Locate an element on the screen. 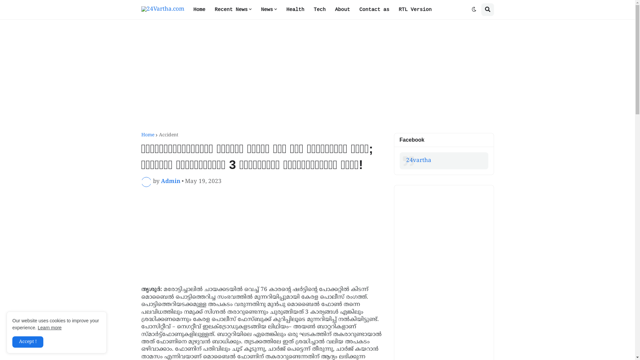 This screenshot has height=360, width=640. 'RTL Version' is located at coordinates (394, 10).